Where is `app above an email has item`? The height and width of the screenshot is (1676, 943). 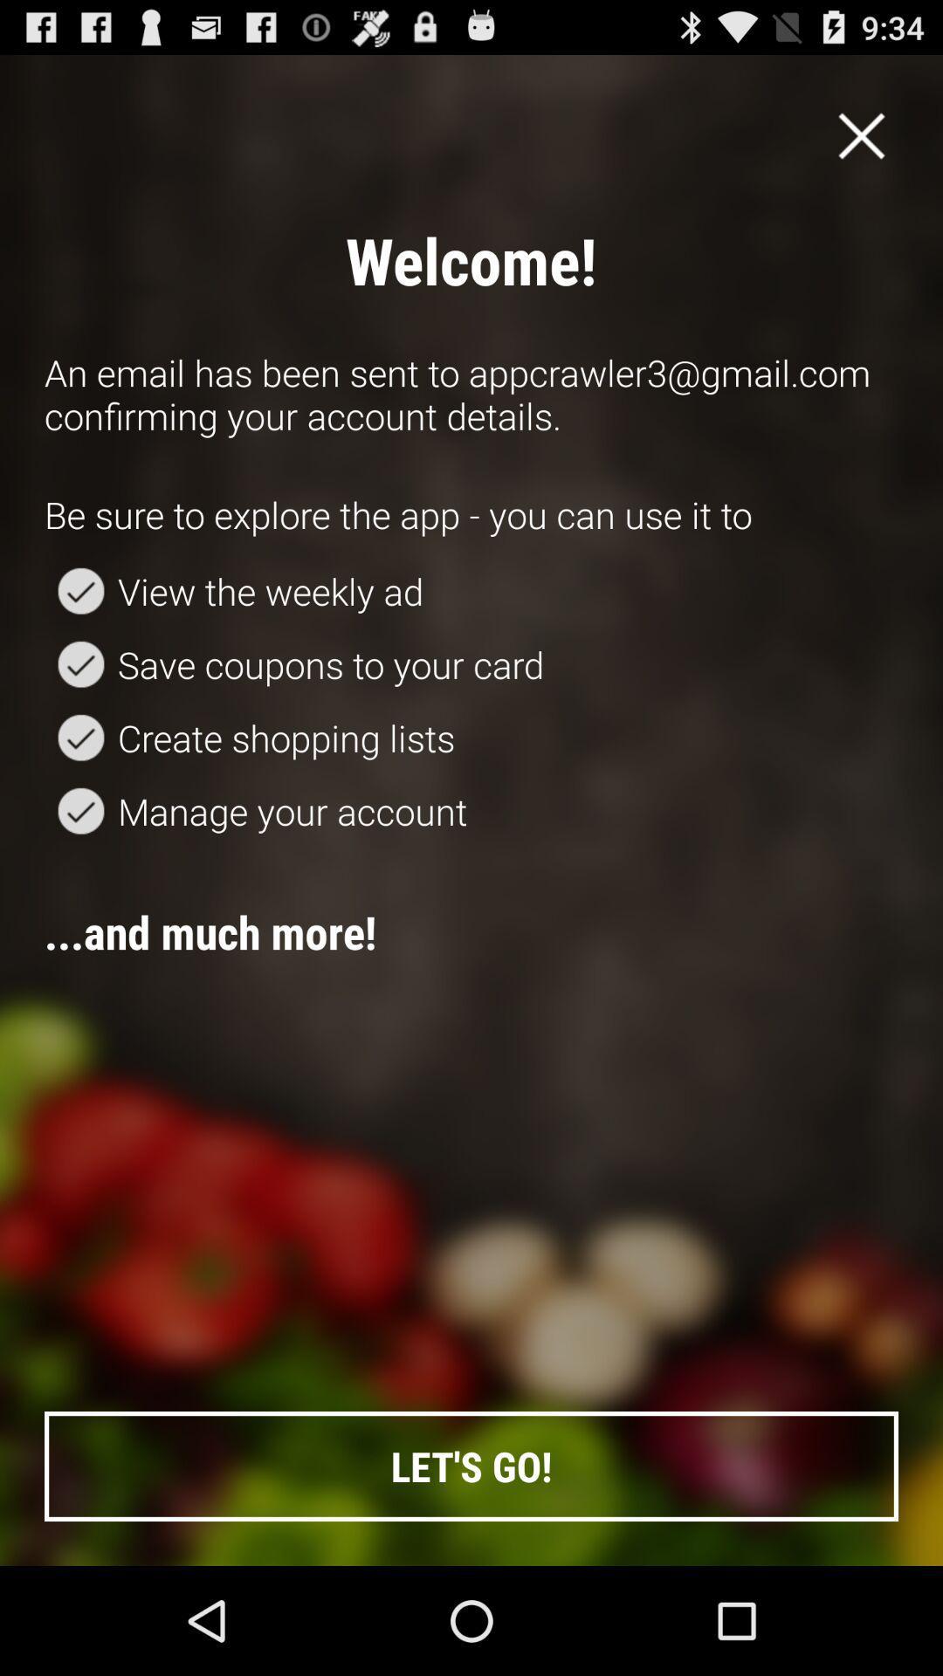
app above an email has item is located at coordinates (861, 134).